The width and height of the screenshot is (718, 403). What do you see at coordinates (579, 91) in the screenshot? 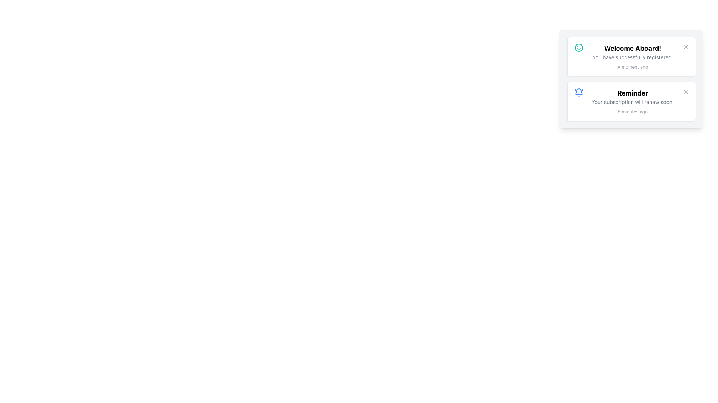
I see `the lower arching part of the bell icon, which serves` at bounding box center [579, 91].